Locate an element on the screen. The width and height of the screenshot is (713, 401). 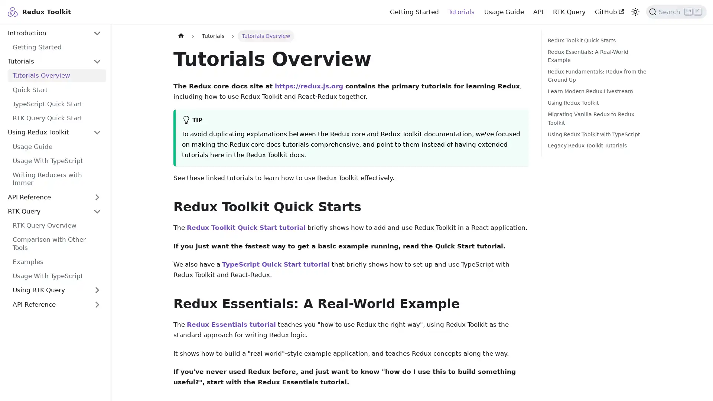
Search is located at coordinates (676, 11).